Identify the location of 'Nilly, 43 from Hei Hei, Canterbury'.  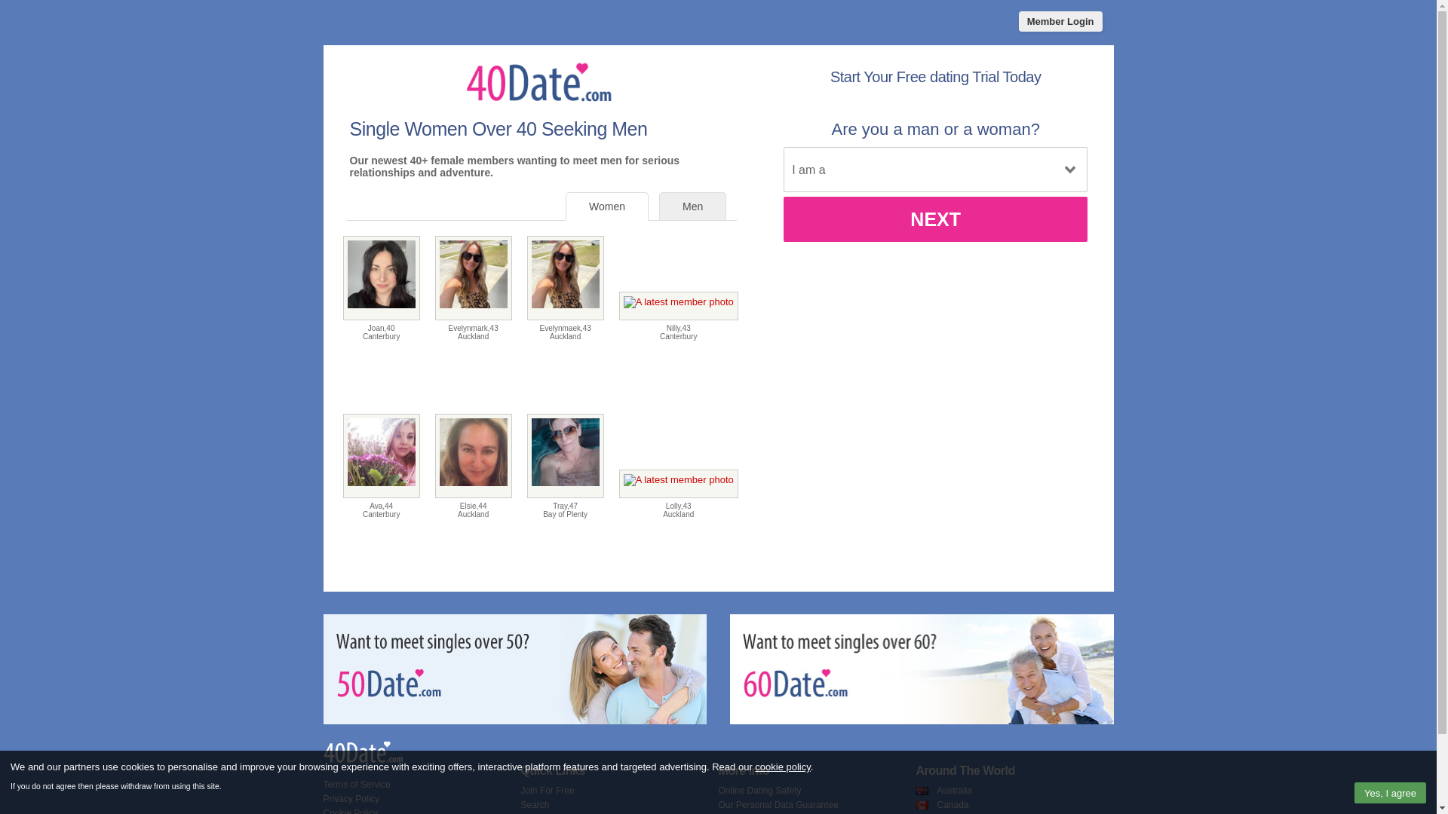
(678, 305).